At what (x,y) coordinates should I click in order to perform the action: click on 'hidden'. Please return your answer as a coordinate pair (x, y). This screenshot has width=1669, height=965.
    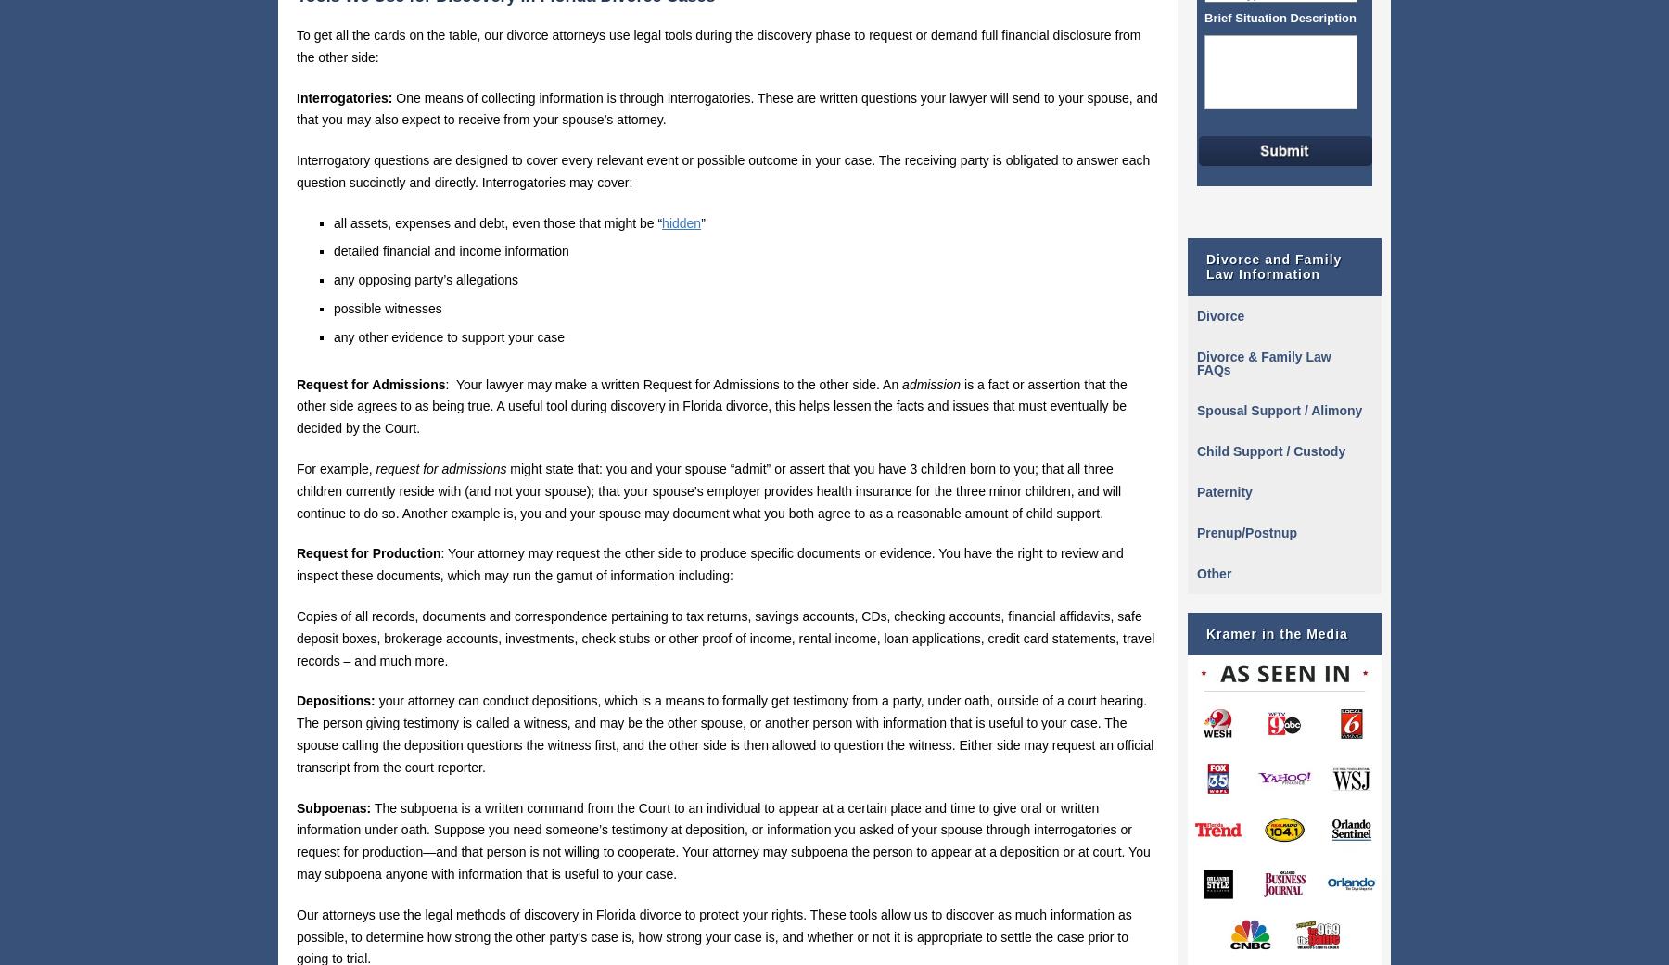
    Looking at the image, I should click on (680, 221).